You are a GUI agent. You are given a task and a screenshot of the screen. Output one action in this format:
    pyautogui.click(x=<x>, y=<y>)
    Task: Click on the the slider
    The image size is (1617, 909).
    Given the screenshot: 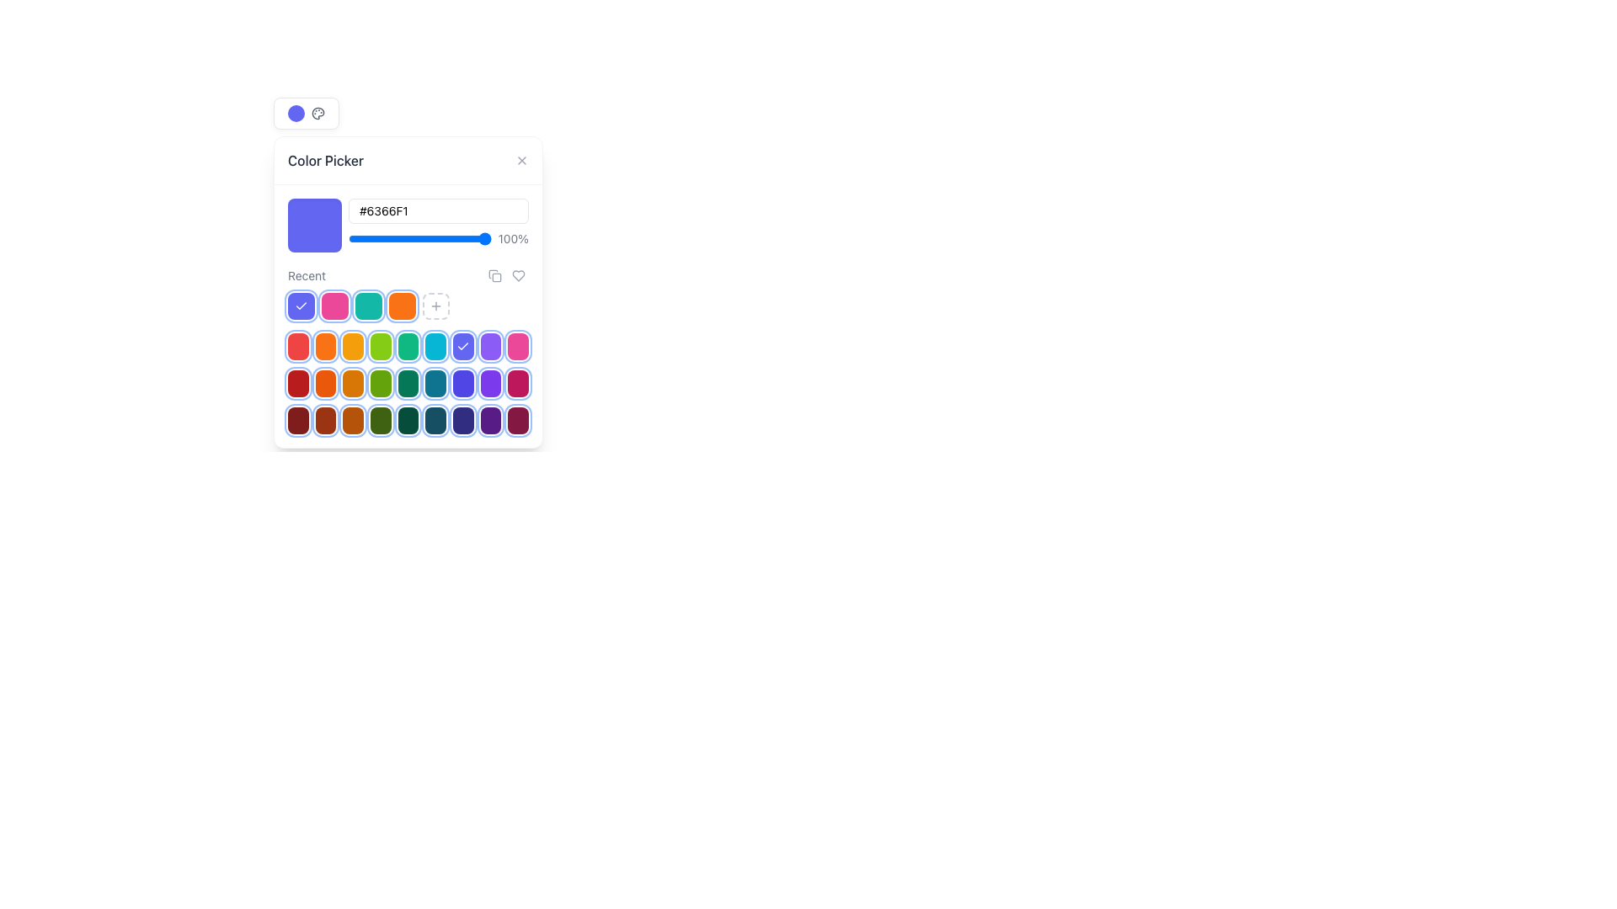 What is the action you would take?
    pyautogui.click(x=411, y=239)
    